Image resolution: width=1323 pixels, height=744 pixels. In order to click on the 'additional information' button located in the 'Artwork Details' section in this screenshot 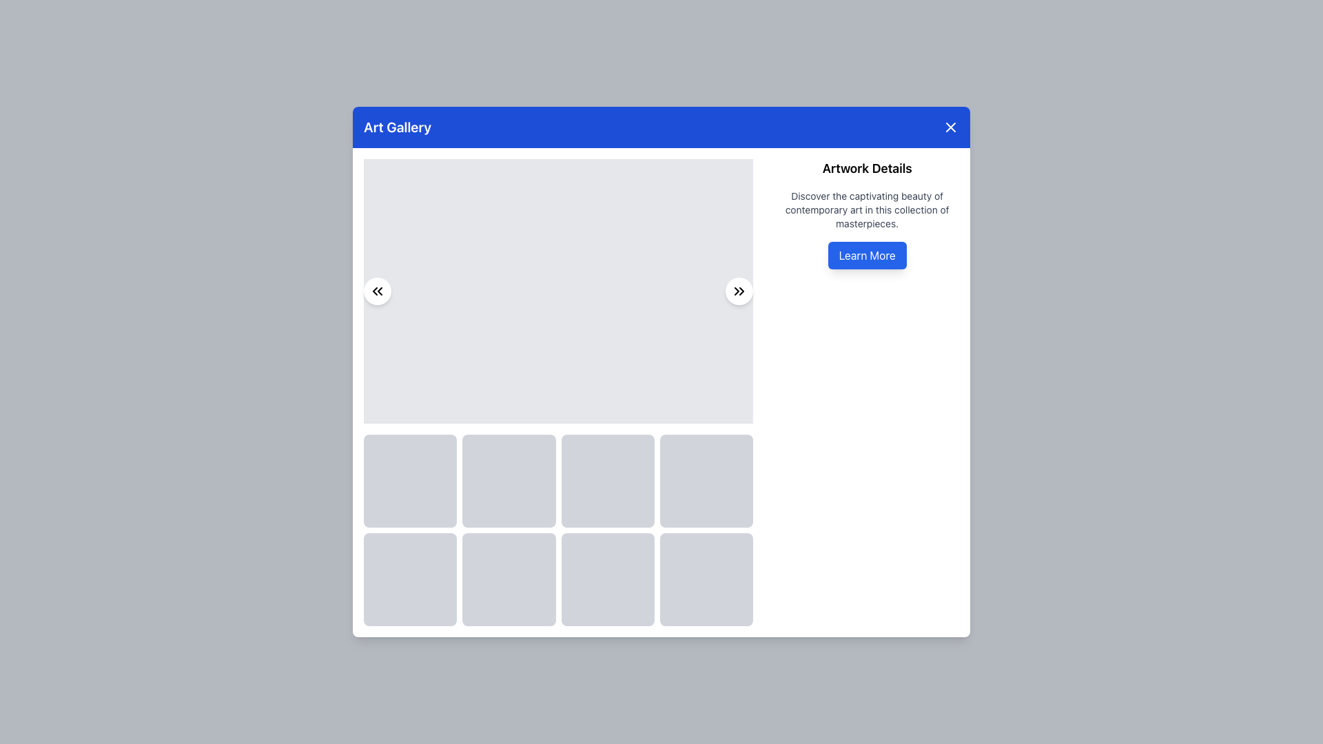, I will do `click(866, 255)`.